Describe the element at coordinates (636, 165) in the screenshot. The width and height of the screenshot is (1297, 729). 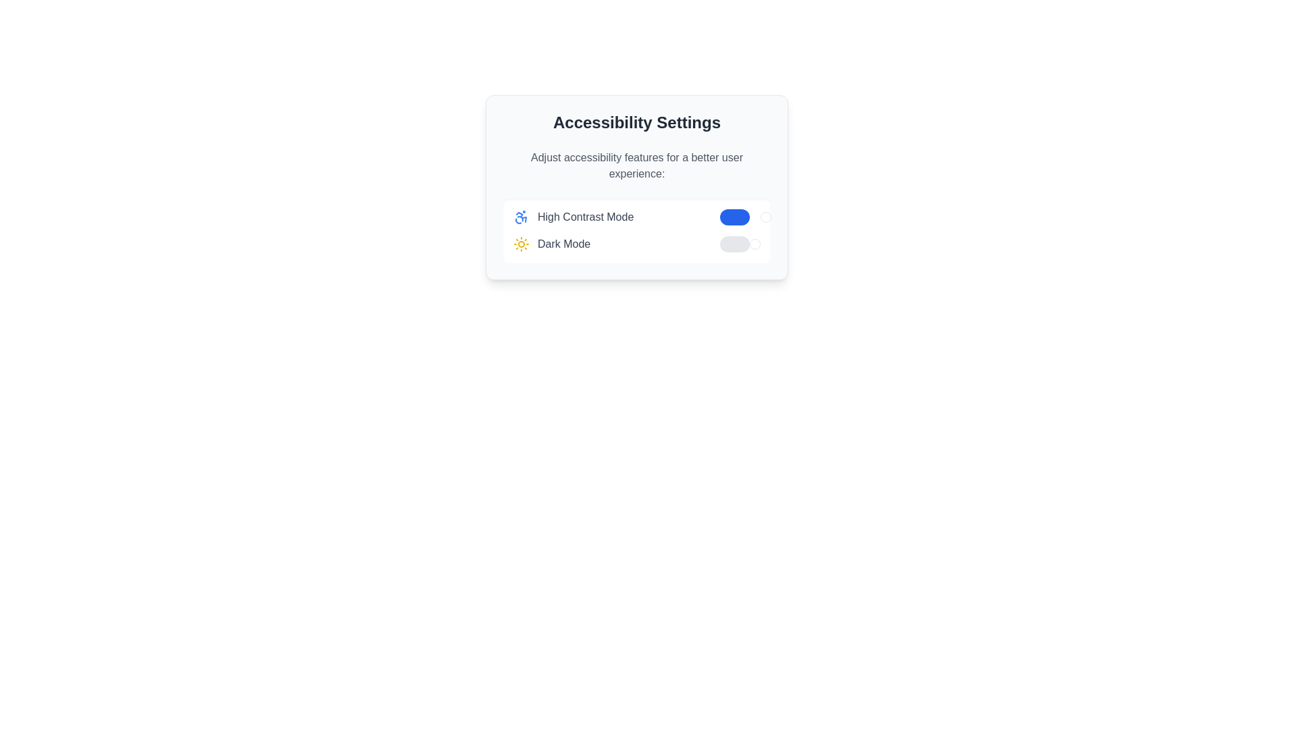
I see `the informational text that reads 'Adjust accessibility features for a better user experience:' within the accessibility settings panel` at that location.